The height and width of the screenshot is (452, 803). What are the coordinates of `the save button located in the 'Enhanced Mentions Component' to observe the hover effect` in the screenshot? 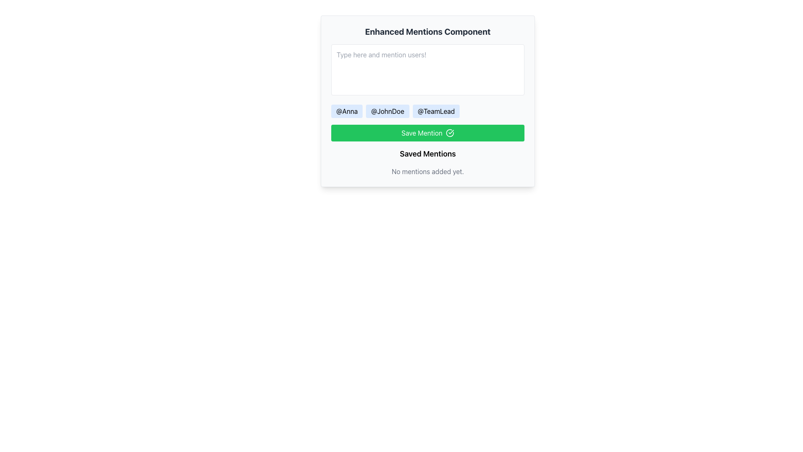 It's located at (427, 132).